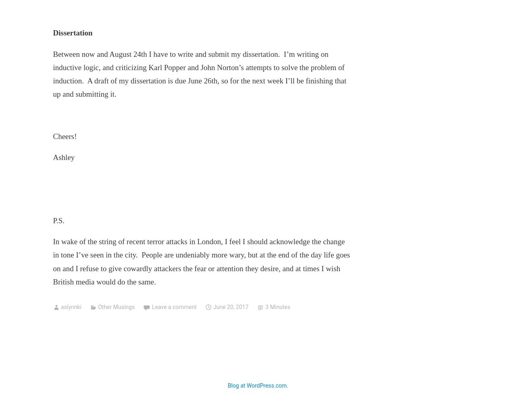  Describe the element at coordinates (52, 33) in the screenshot. I see `'Dissertation'` at that location.